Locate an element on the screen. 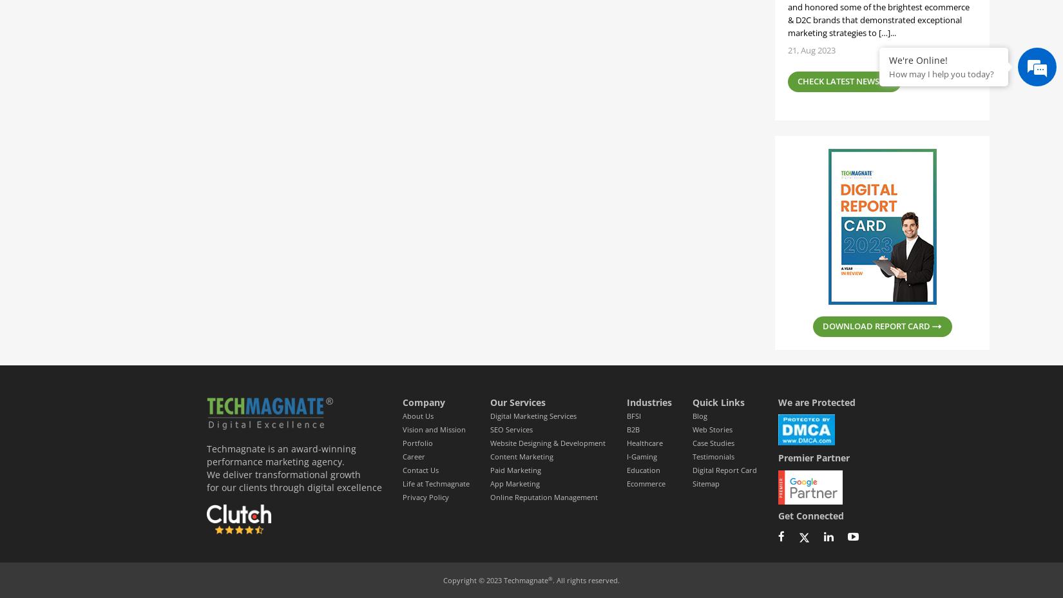 The image size is (1063, 598). 'Healthcare' is located at coordinates (644, 443).